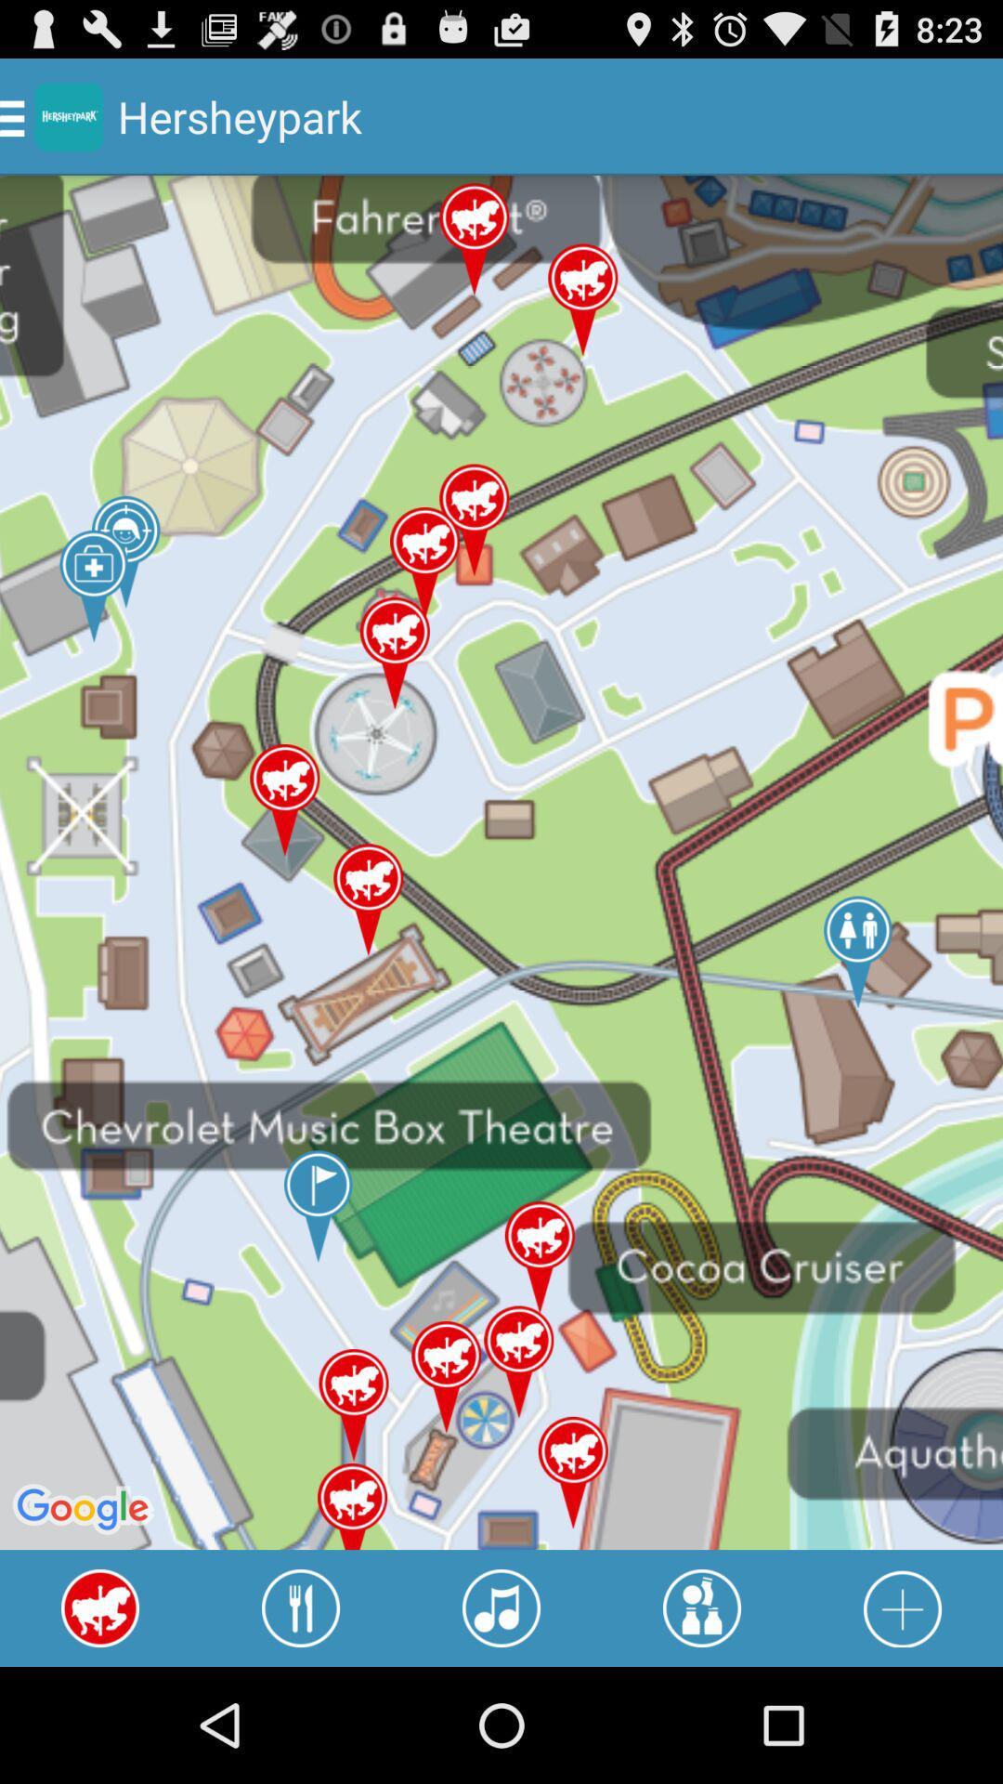 Image resolution: width=1003 pixels, height=1784 pixels. Describe the element at coordinates (902, 1720) in the screenshot. I see `the lock icon` at that location.